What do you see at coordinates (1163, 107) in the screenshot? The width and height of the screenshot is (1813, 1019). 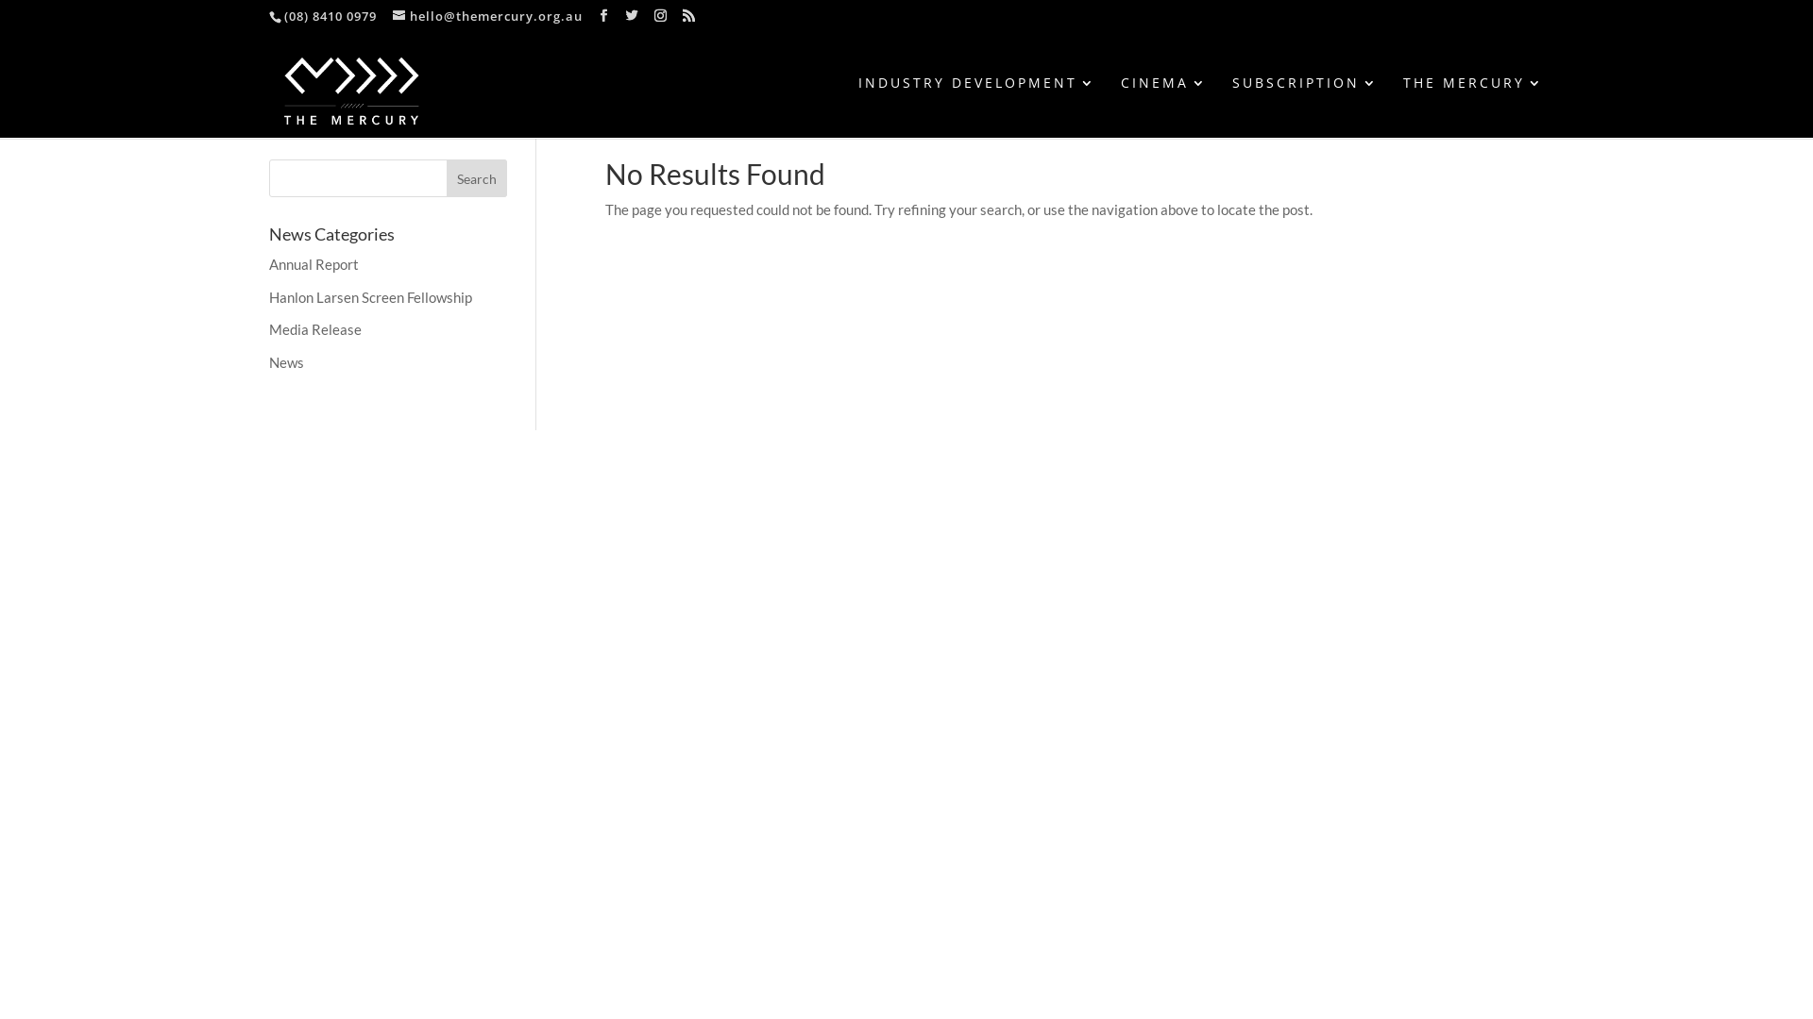 I see `'CINEMA'` at bounding box center [1163, 107].